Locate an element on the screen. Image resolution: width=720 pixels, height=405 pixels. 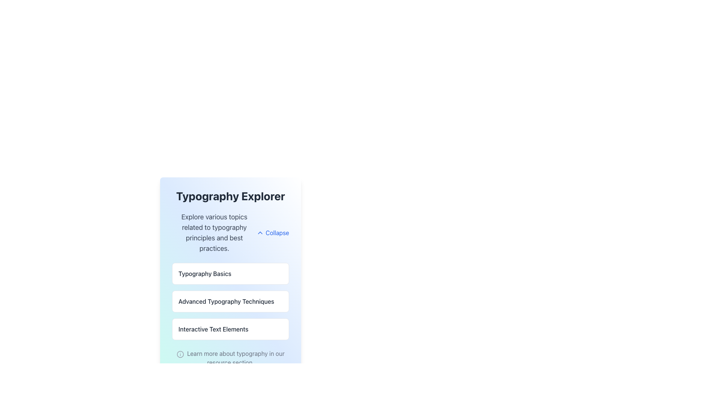
the toggle link located at the right end of the description block on the card is located at coordinates (272, 232).